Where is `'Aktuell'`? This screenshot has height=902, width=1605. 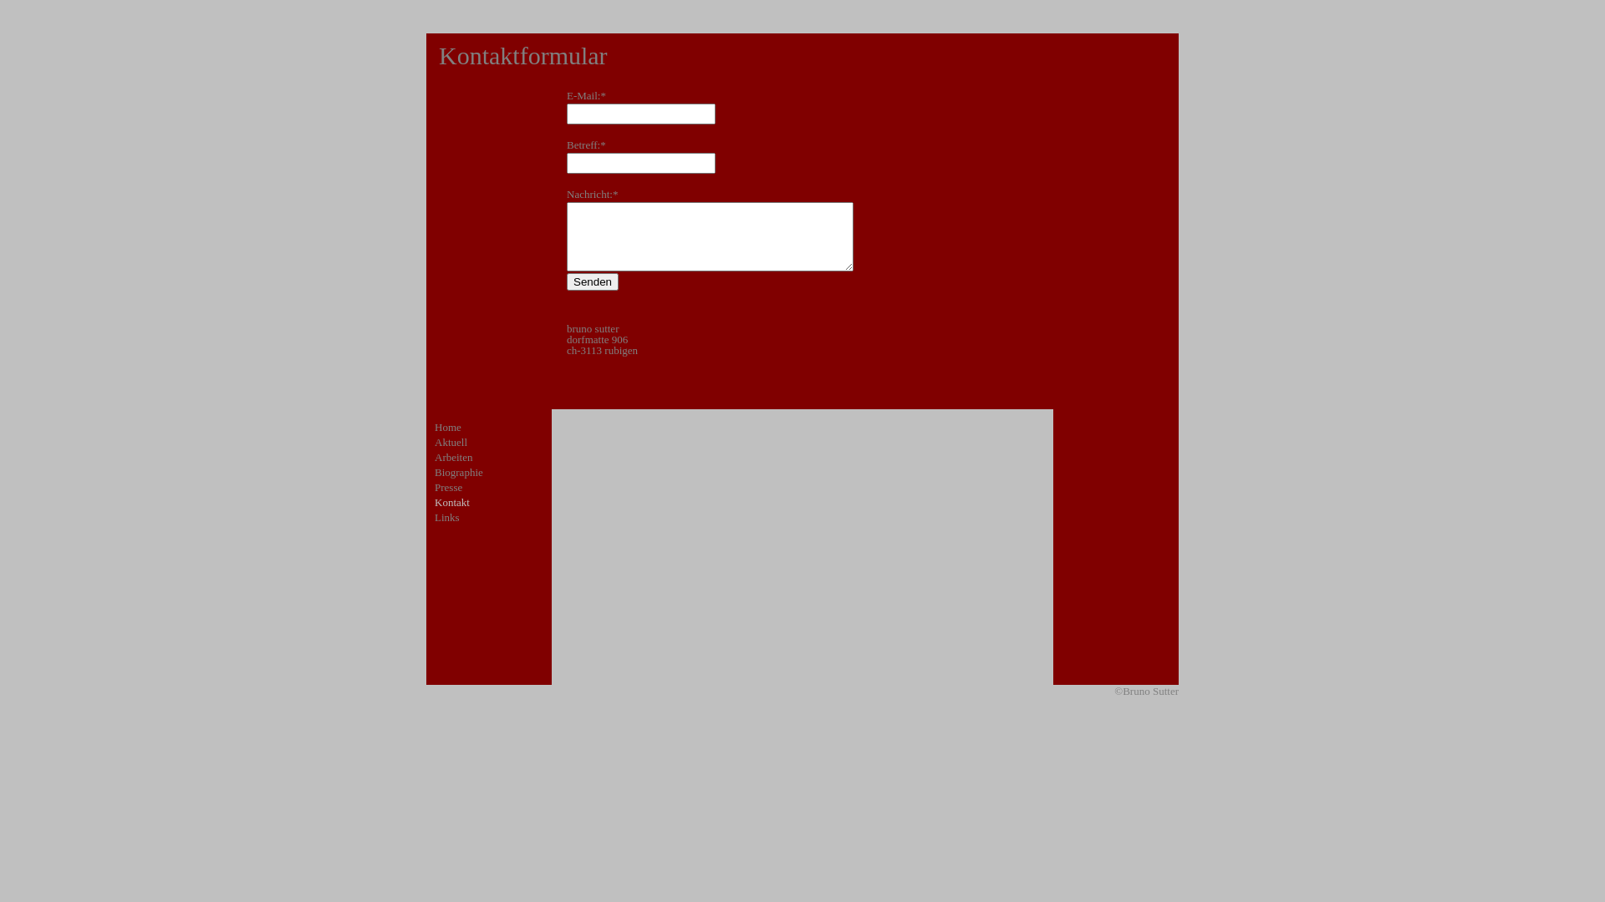 'Aktuell' is located at coordinates (451, 441).